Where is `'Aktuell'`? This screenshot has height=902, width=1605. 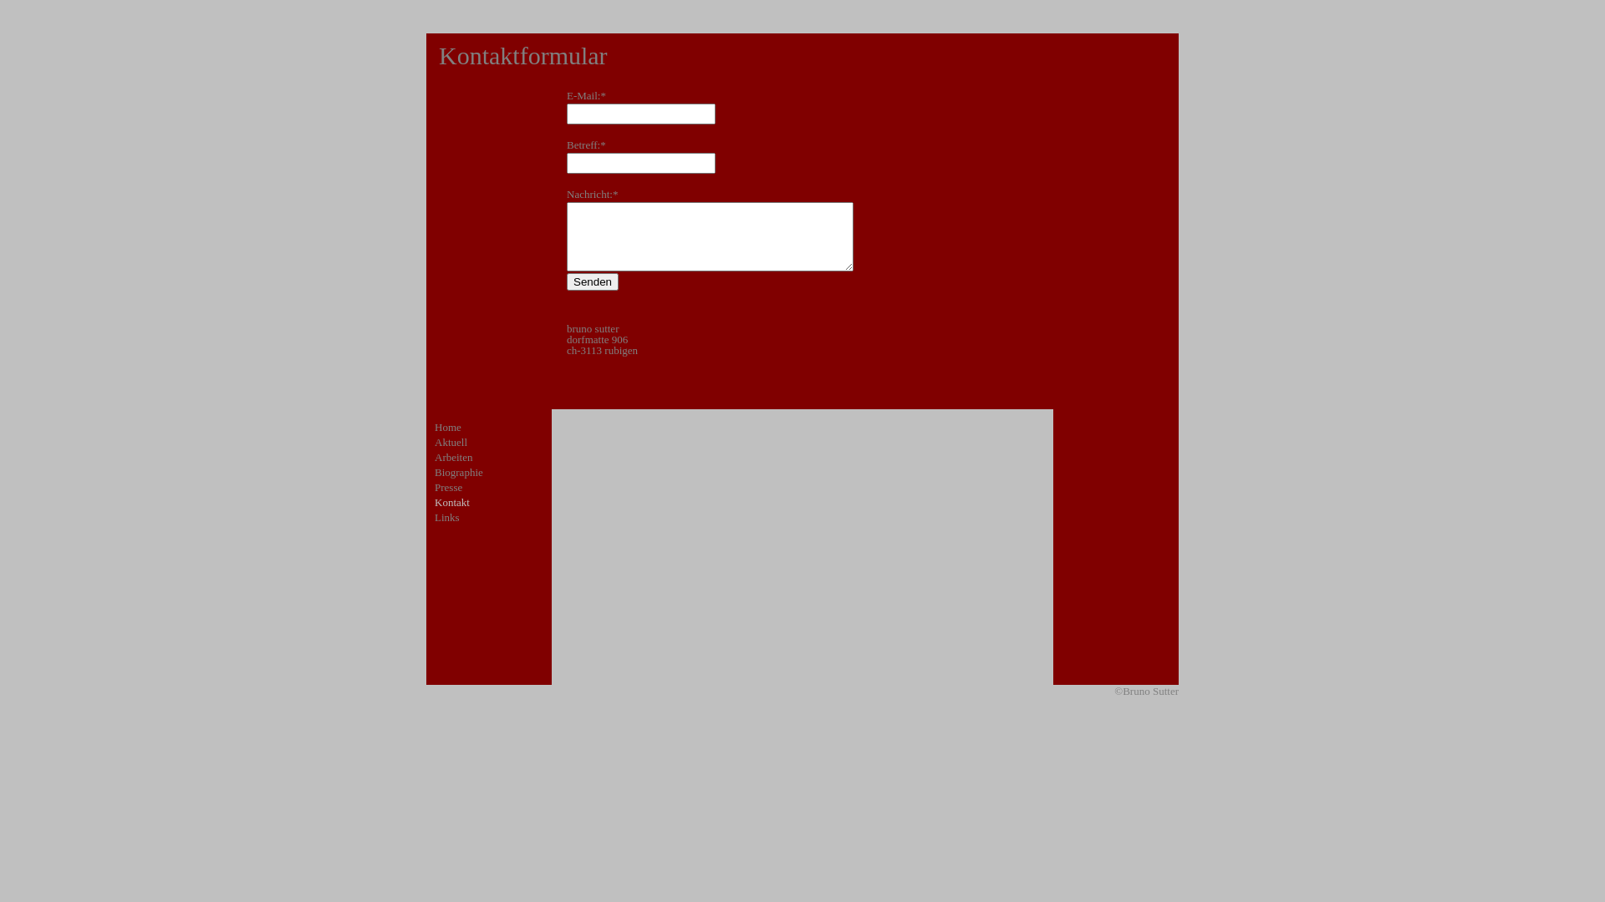 'Aktuell' is located at coordinates (451, 441).